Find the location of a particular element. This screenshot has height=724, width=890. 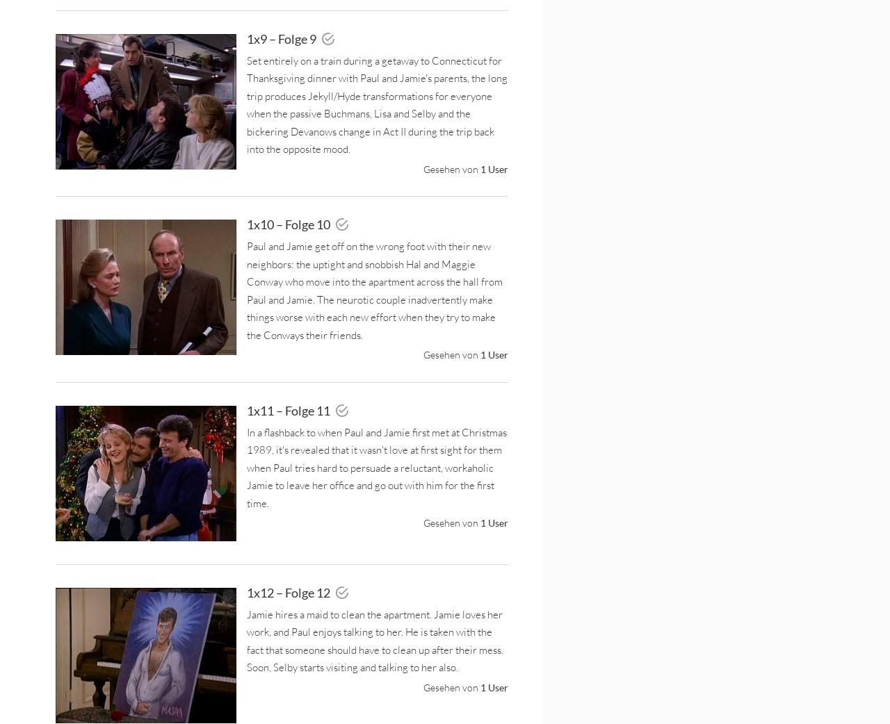

'Jamie hires a maid to clean the apartment. Jamie loves her work, and Paul enjoys talking to her. He is taken with the fact that someone should have to clean up after their mess. Soon, Selby starts visiting and talking to her also.' is located at coordinates (375, 639).